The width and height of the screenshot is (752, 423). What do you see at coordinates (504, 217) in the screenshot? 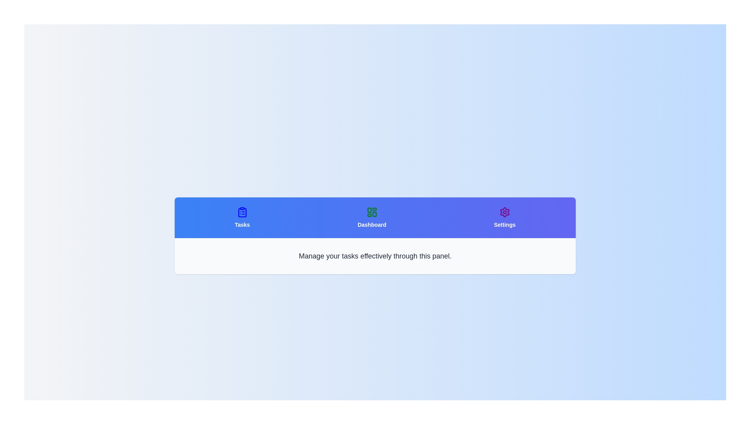
I see `the Settings tab to activate its content` at bounding box center [504, 217].